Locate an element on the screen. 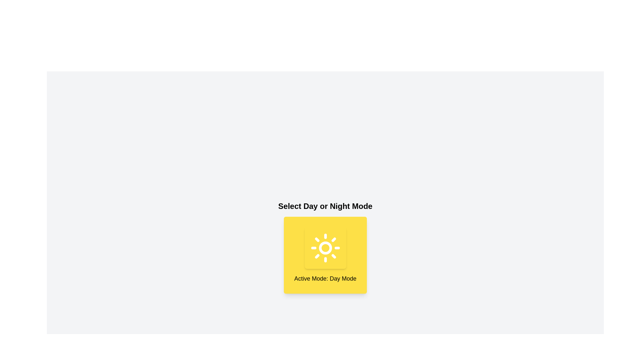 This screenshot has height=352, width=625. toggle button to switch between day and night modes is located at coordinates (325, 248).